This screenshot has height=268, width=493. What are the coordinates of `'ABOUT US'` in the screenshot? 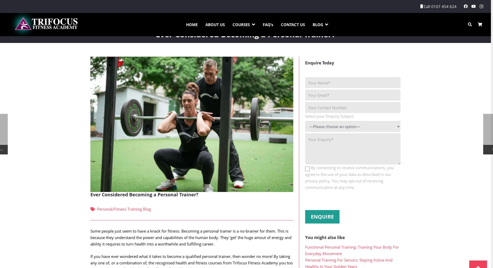 It's located at (215, 25).